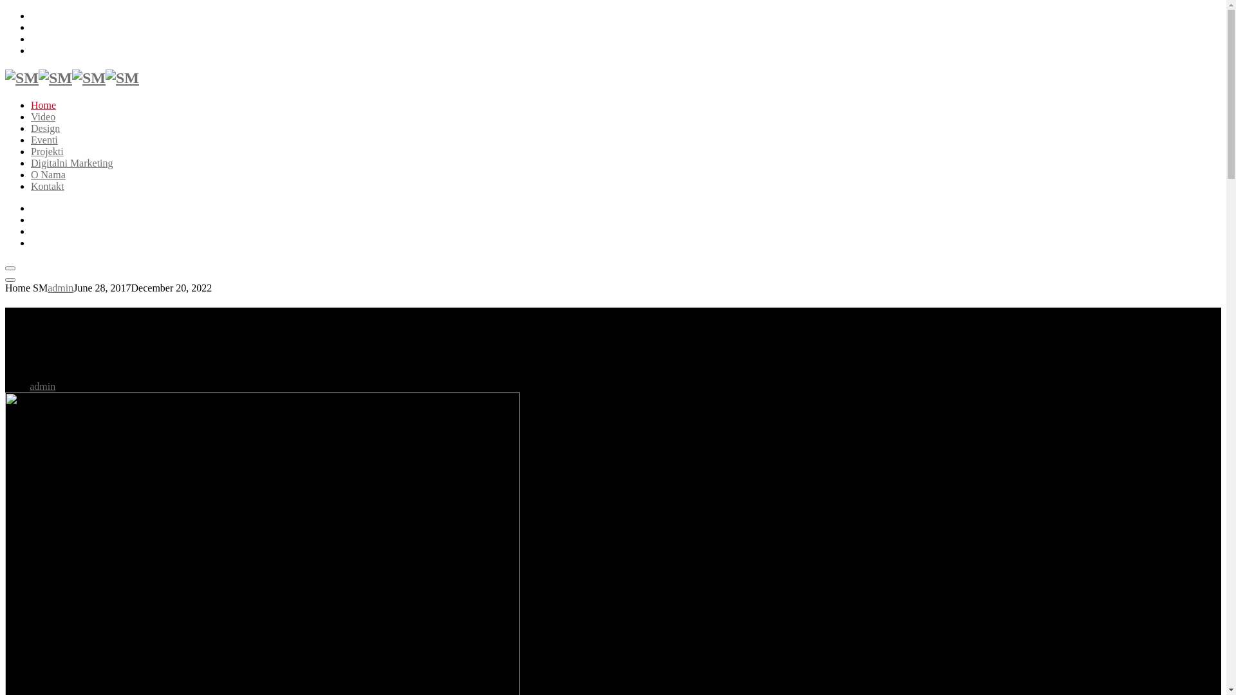  What do you see at coordinates (60, 287) in the screenshot?
I see `'admin'` at bounding box center [60, 287].